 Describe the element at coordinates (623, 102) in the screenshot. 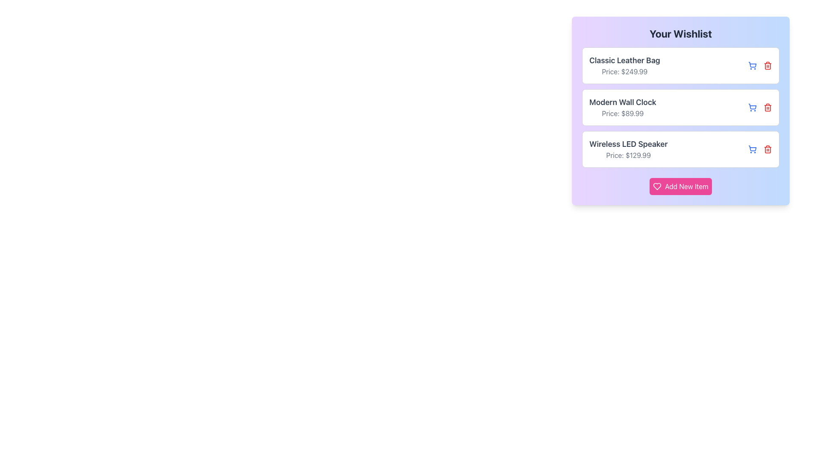

I see `text label 'Modern Wall Clock' located in the second item block of the wishlist section, directly above the price text` at that location.